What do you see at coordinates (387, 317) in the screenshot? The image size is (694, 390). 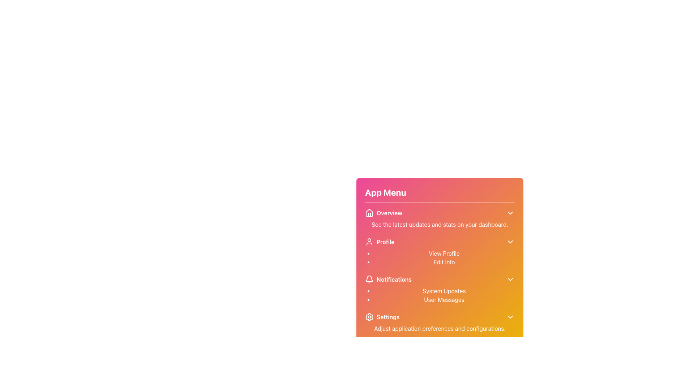 I see `text label that identifies the settings section in the App Menu, located directly to the right of the light gear icon` at bounding box center [387, 317].